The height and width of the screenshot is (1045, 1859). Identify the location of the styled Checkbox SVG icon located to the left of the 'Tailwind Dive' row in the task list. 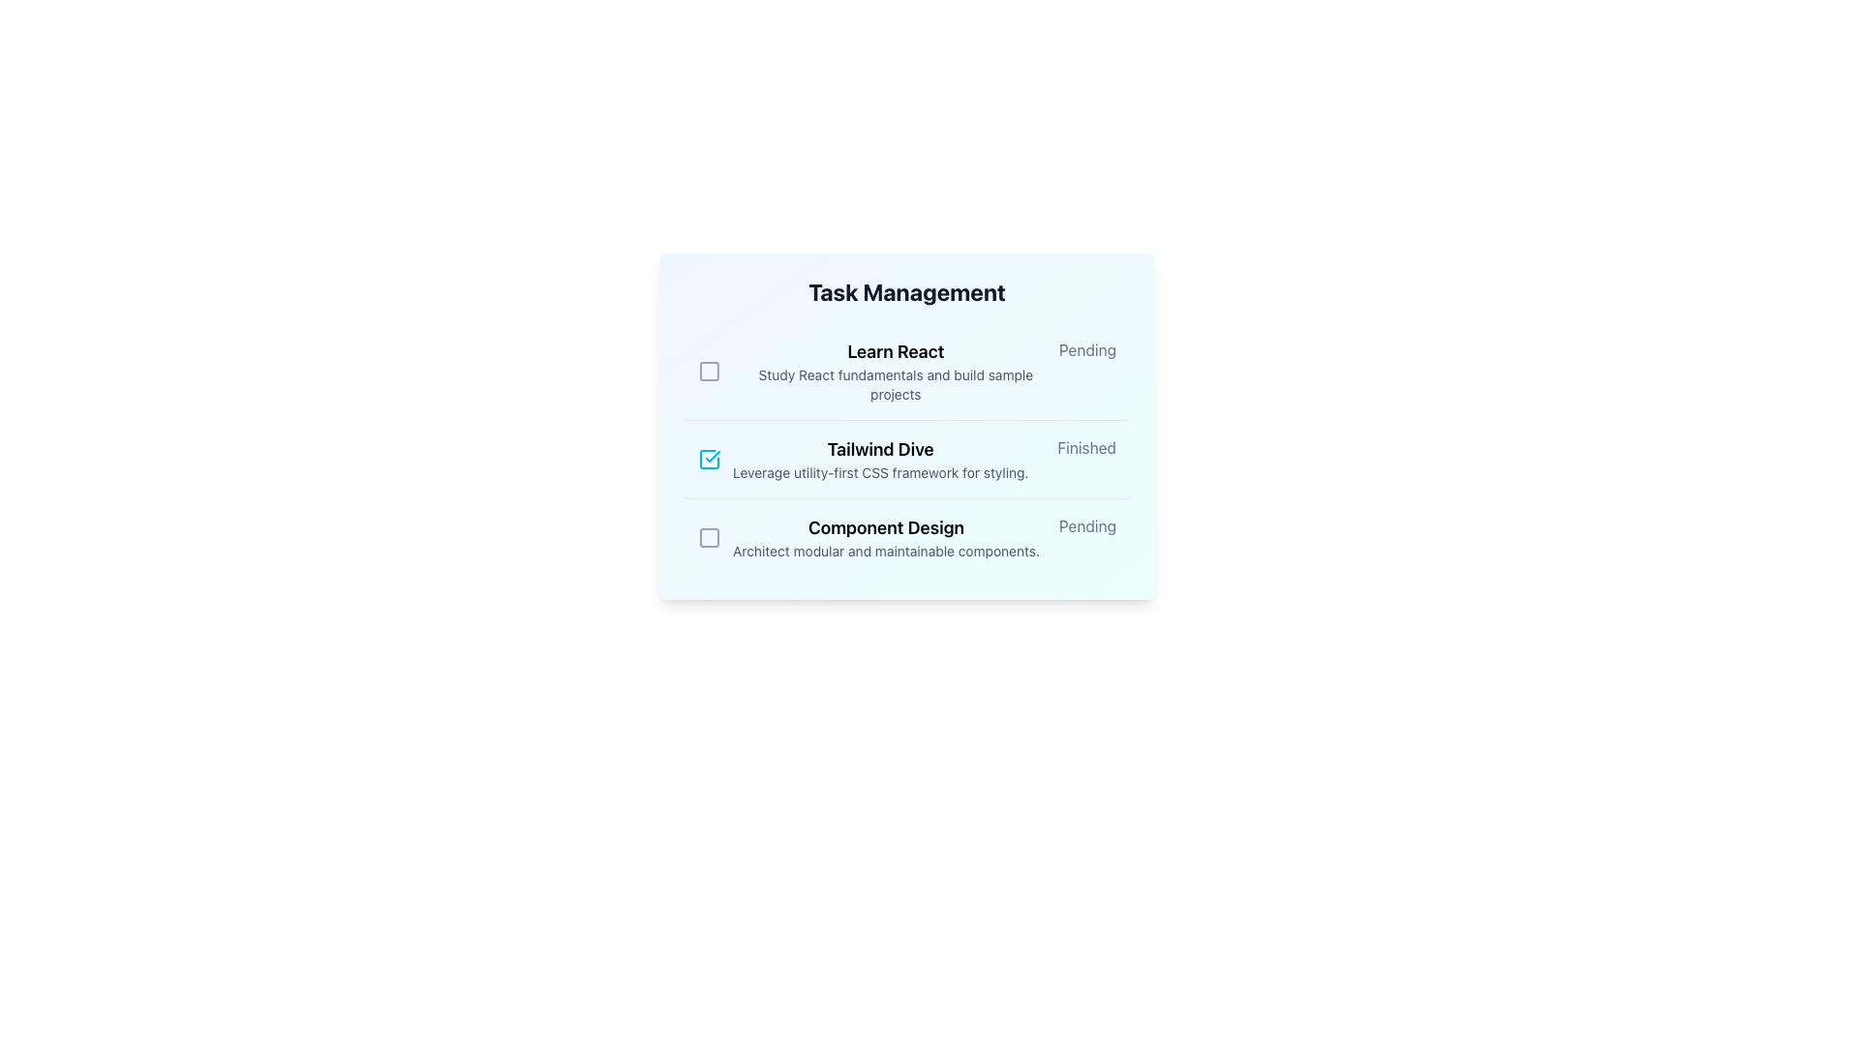
(709, 459).